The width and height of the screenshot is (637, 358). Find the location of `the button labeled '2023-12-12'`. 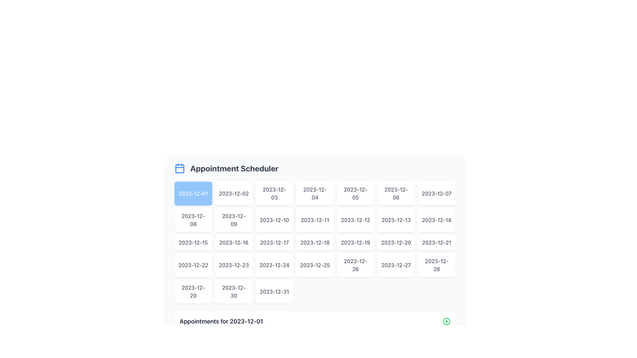

the button labeled '2023-12-12' is located at coordinates (355, 220).